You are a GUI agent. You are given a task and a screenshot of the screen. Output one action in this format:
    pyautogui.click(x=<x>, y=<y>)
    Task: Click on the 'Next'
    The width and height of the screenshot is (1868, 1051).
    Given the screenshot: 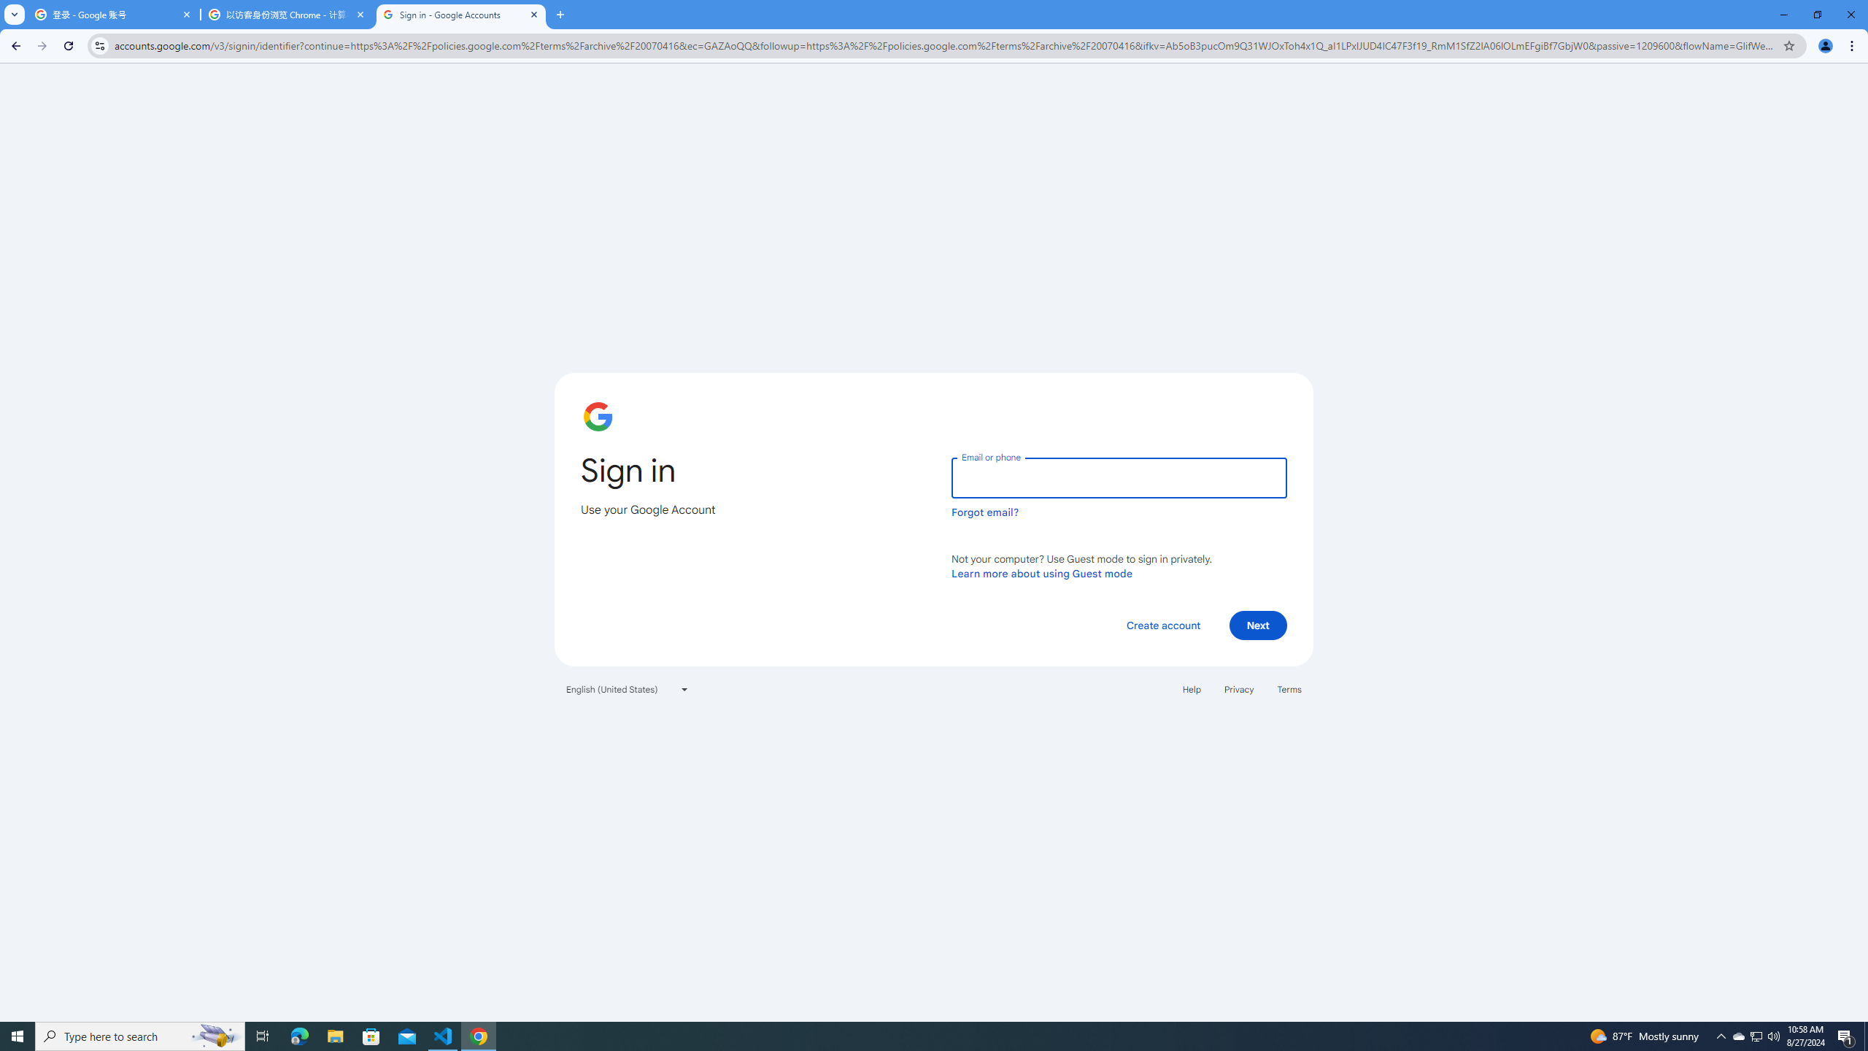 What is the action you would take?
    pyautogui.click(x=1258, y=624)
    